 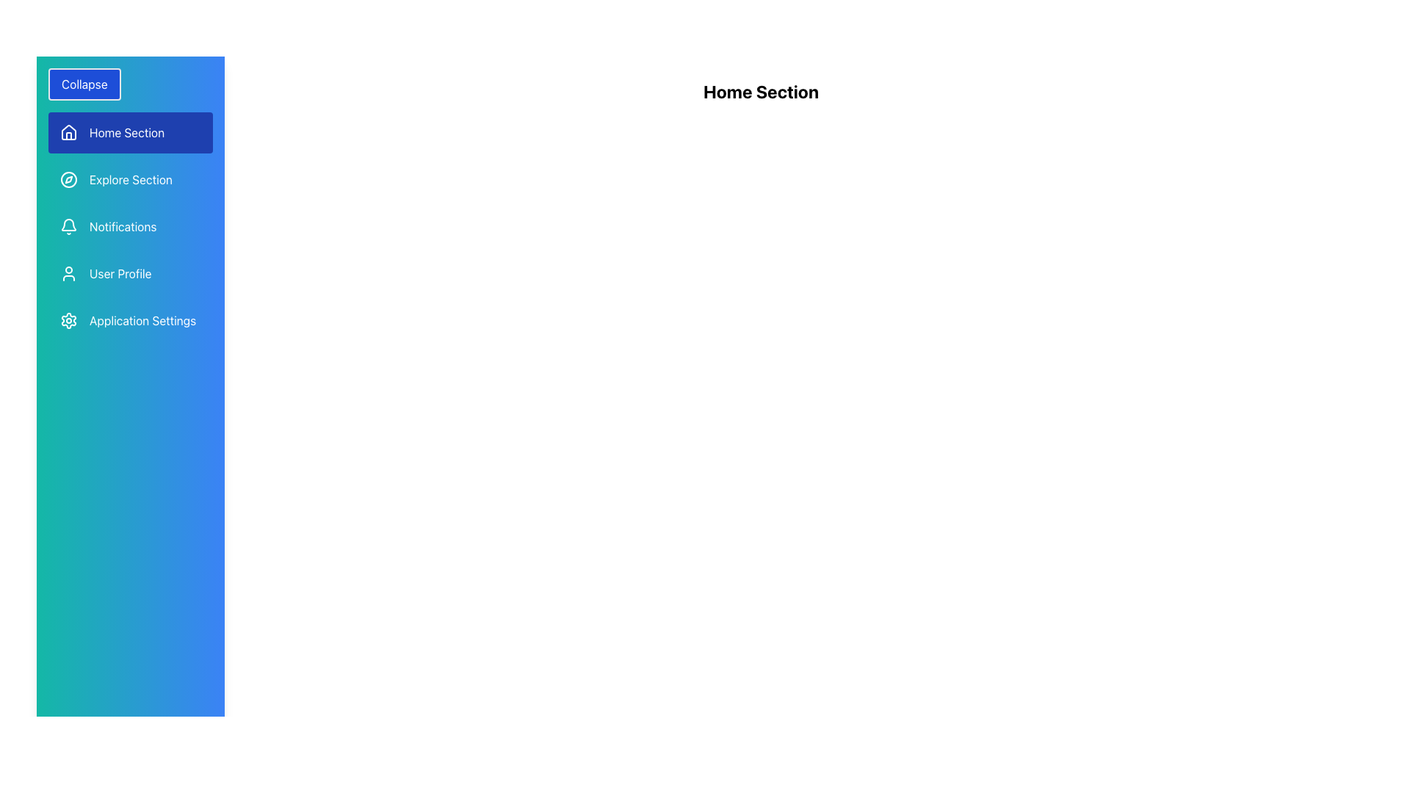 I want to click on the third entry in the vertical navigation menu, which contains an icon and text, so click(x=130, y=226).